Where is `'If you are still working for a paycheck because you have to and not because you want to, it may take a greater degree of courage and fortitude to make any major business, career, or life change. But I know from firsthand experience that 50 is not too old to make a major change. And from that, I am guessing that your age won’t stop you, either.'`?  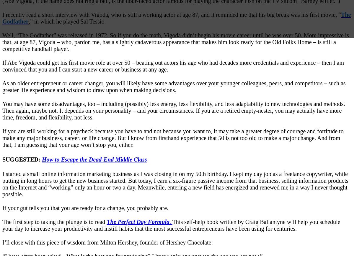 'If you are still working for a paycheck because you have to and not because you want to, it may take a greater degree of courage and fortitude to make any major business, career, or life change. But I know from firsthand experience that 50 is not too old to make a major change. And from that, I am guessing that your age won’t stop you, either.' is located at coordinates (172, 138).